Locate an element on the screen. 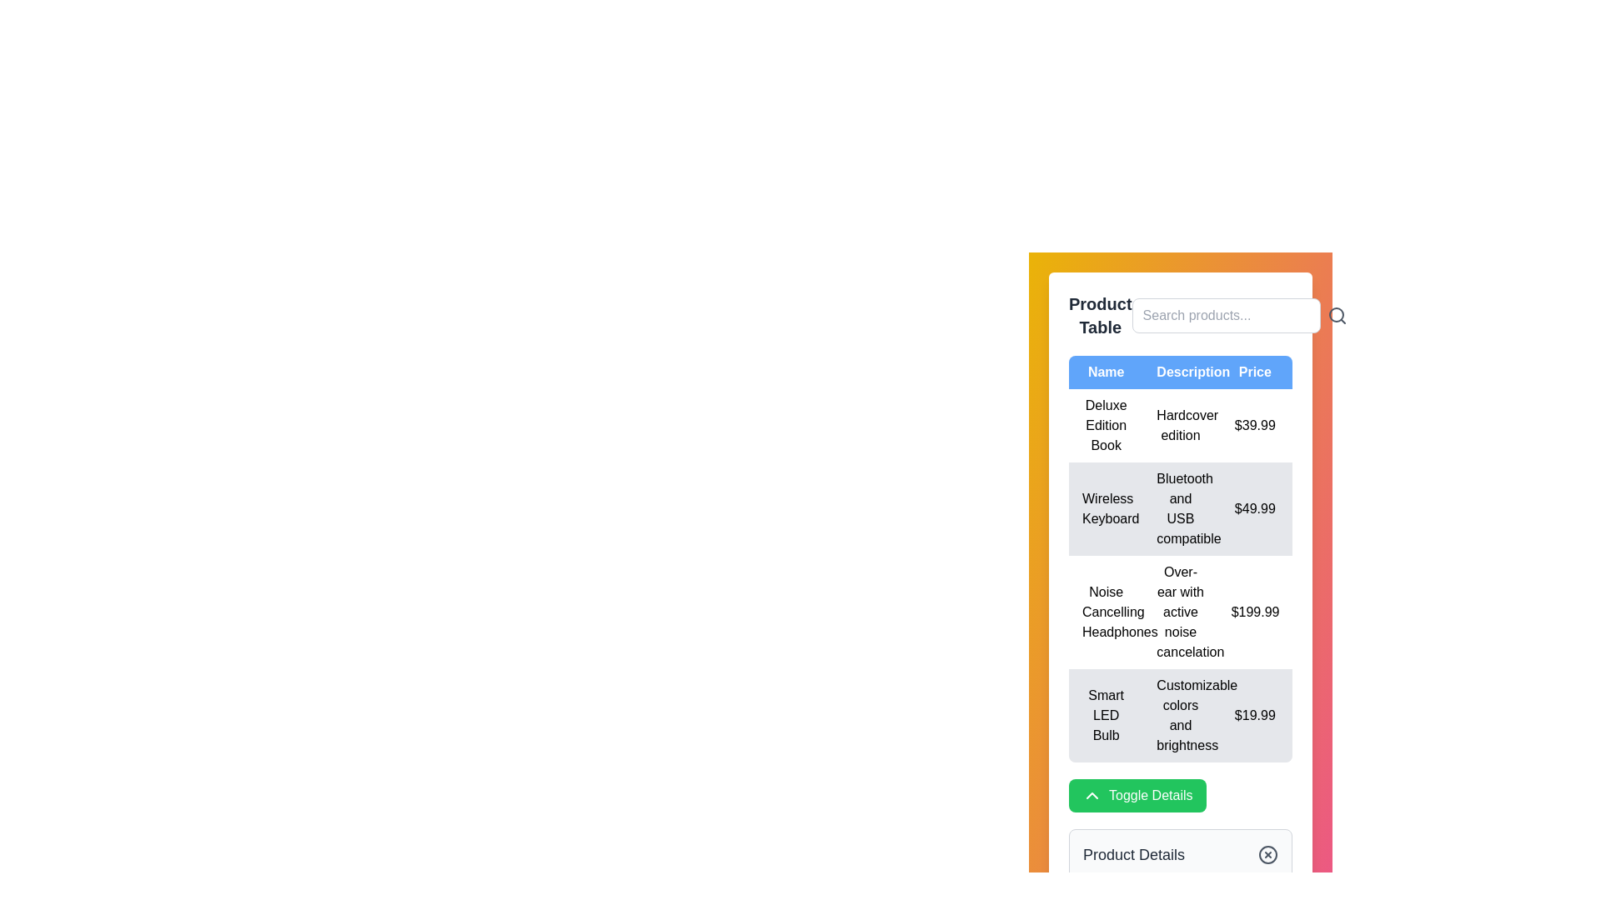 The width and height of the screenshot is (1601, 900). the text in the first row of the product details table, which contains the product's name, type or description, and price is located at coordinates (1180, 424).